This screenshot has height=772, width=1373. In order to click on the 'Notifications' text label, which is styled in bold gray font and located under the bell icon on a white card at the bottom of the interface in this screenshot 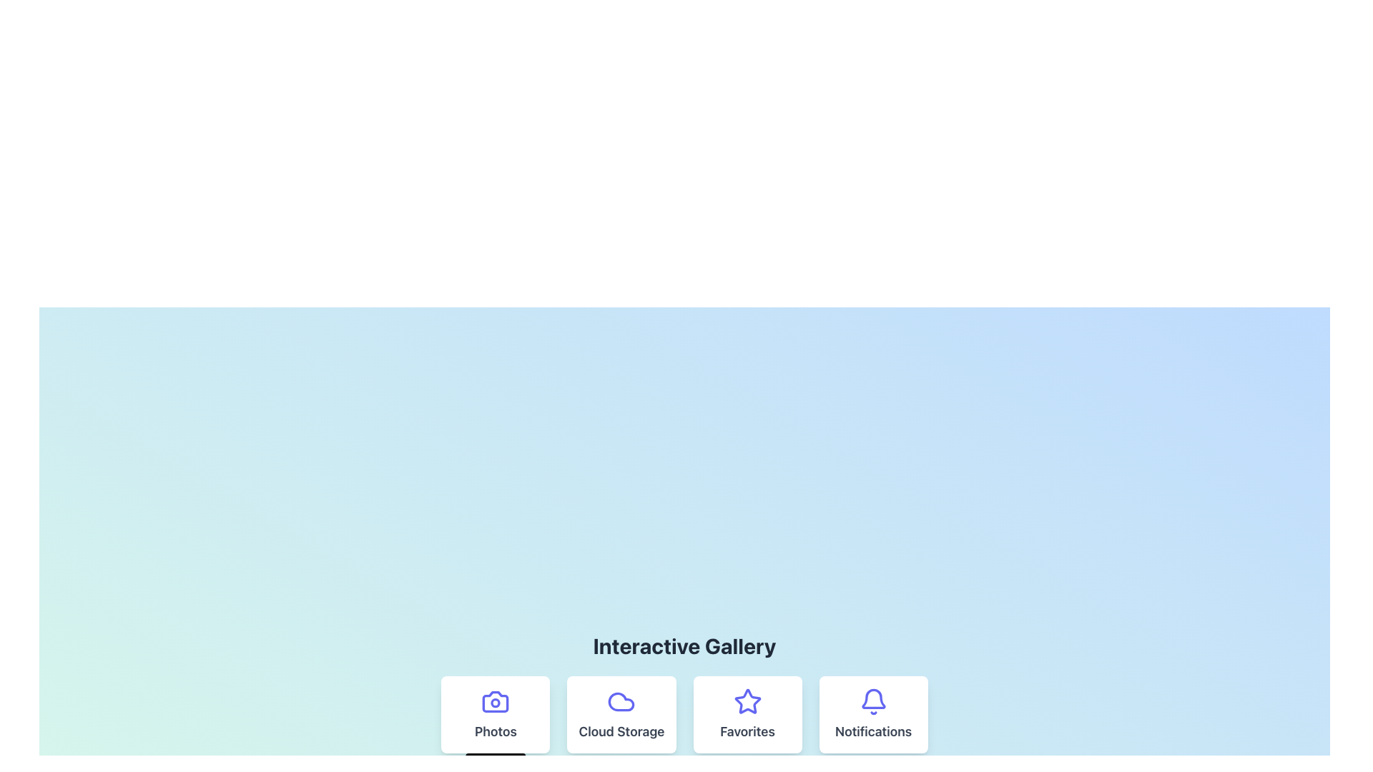, I will do `click(872, 731)`.